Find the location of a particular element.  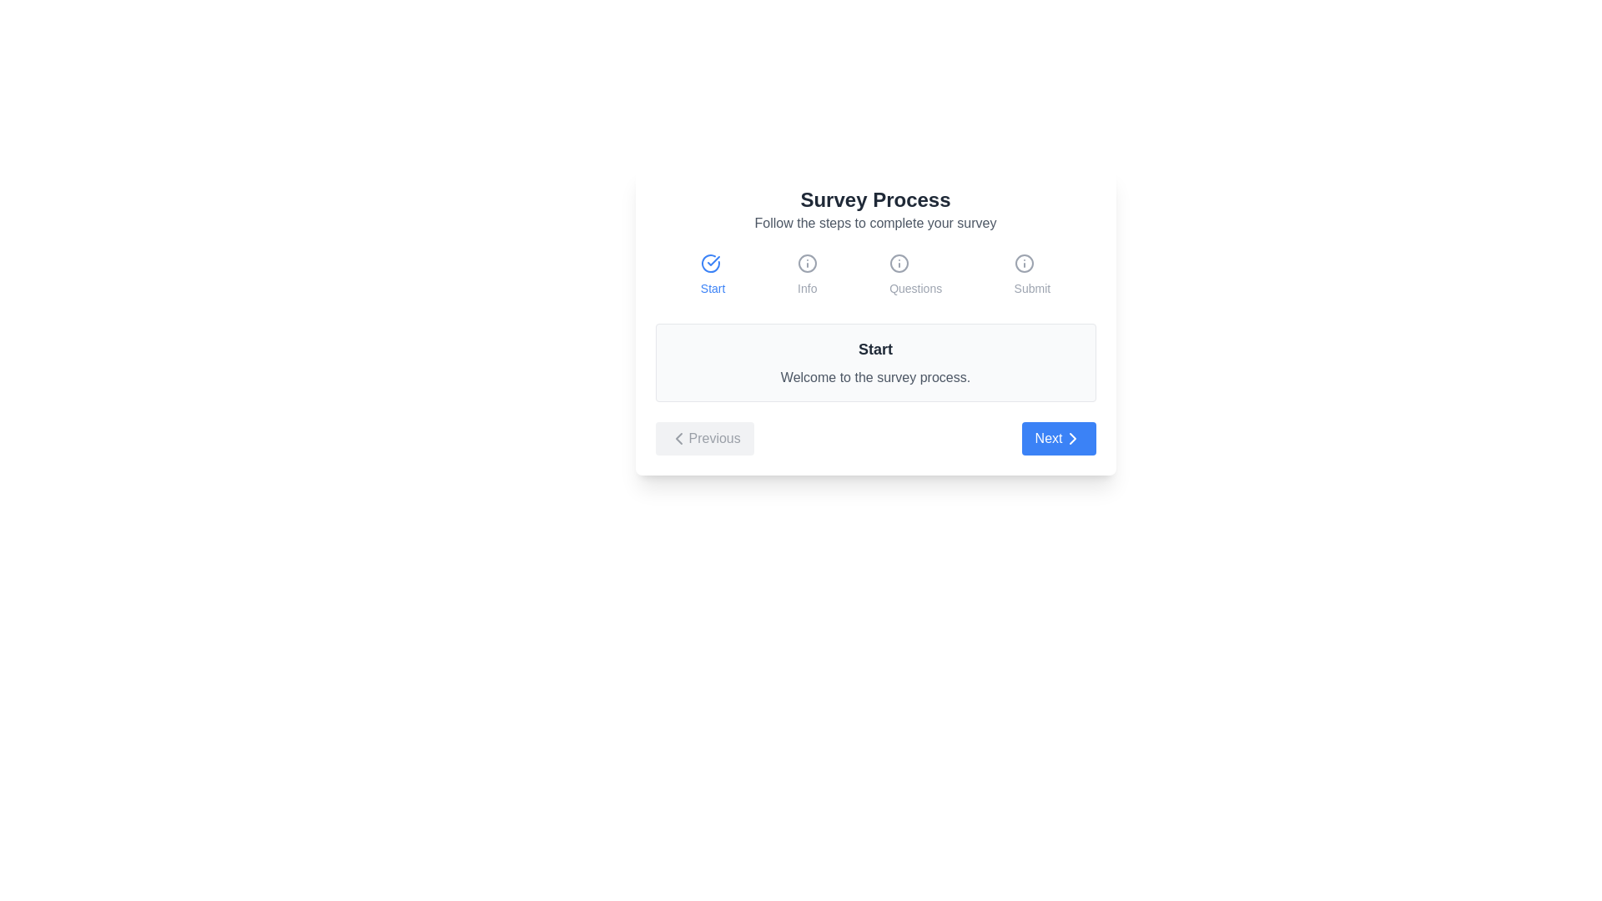

the completion icon representing the 'Start' step in the survey process, located at the top left of the 'Survey Process' panel is located at coordinates (710, 263).